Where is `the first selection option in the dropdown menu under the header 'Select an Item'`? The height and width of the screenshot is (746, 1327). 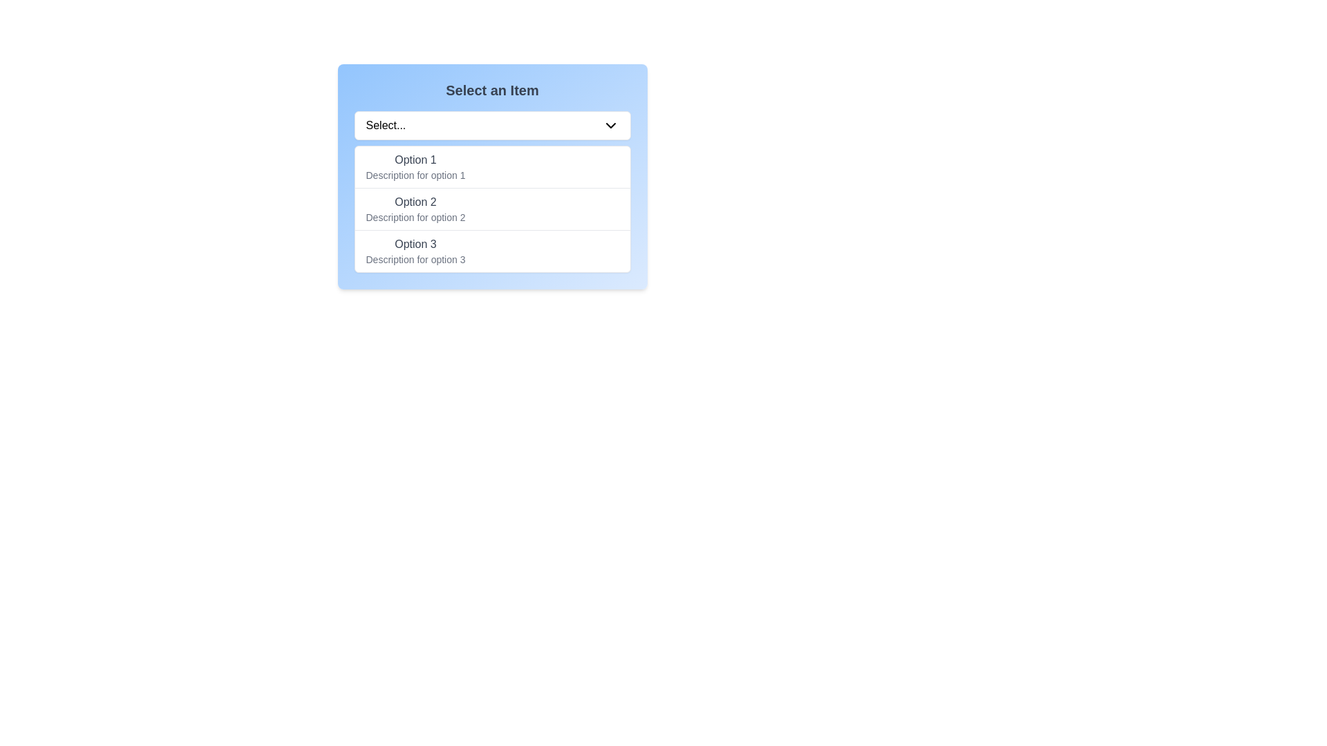
the first selection option in the dropdown menu under the header 'Select an Item' is located at coordinates (415, 166).